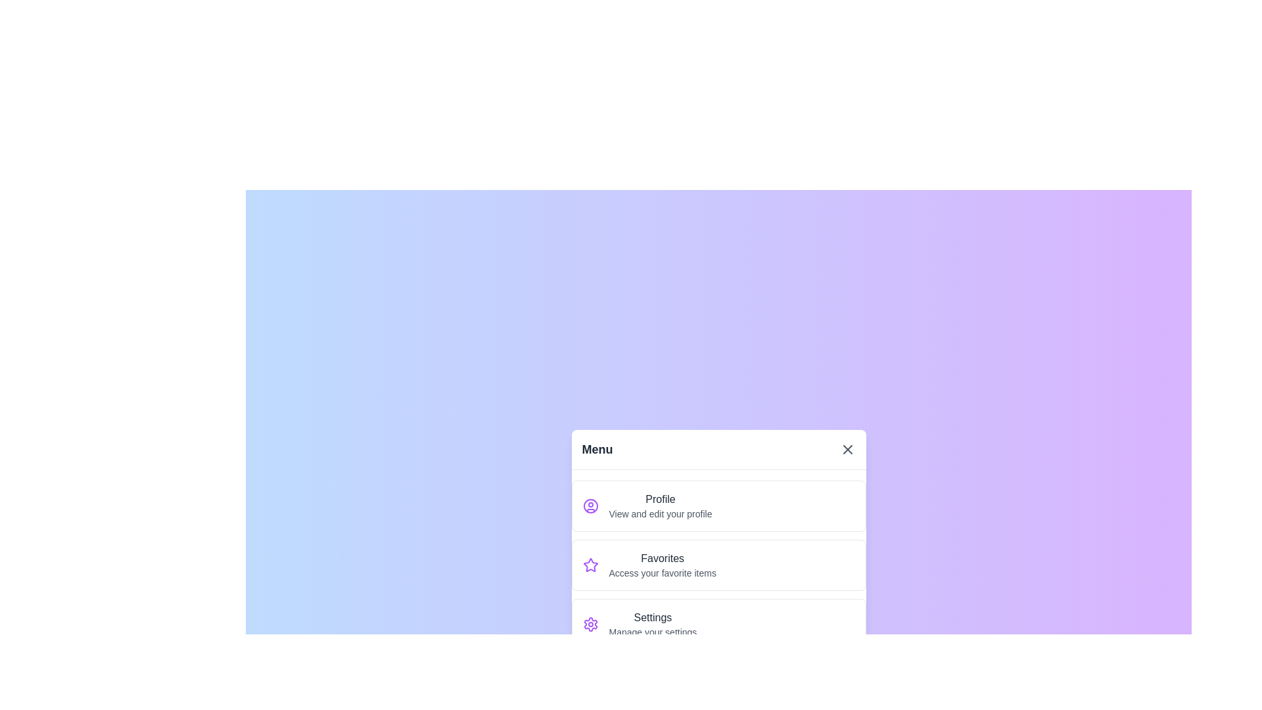  What do you see at coordinates (718, 505) in the screenshot?
I see `the menu item Profile from the list` at bounding box center [718, 505].